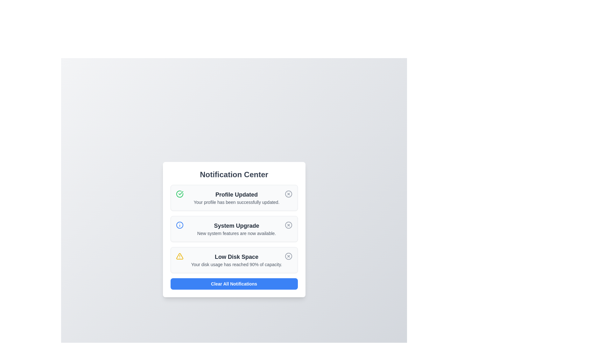 The height and width of the screenshot is (343, 611). Describe the element at coordinates (179, 225) in the screenshot. I see `the circular vector graphic icon with a blue outline, which serves as a minimalistic information or notification indicator in the notifications panel for 'System Upgrade'` at that location.